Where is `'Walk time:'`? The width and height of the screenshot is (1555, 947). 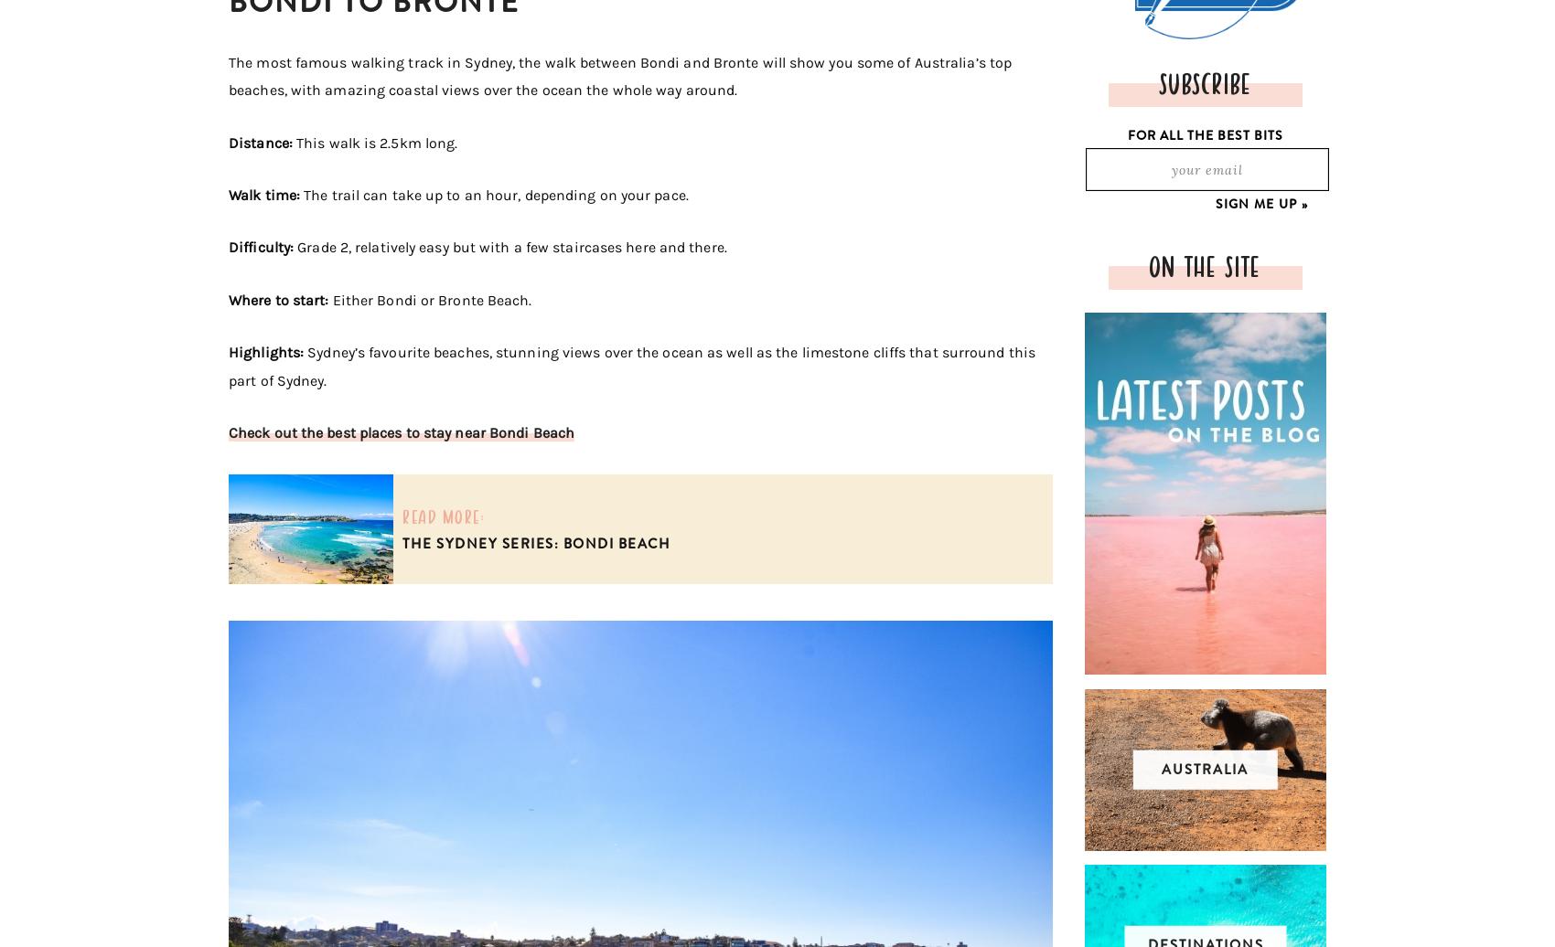
'Walk time:' is located at coordinates (266, 194).